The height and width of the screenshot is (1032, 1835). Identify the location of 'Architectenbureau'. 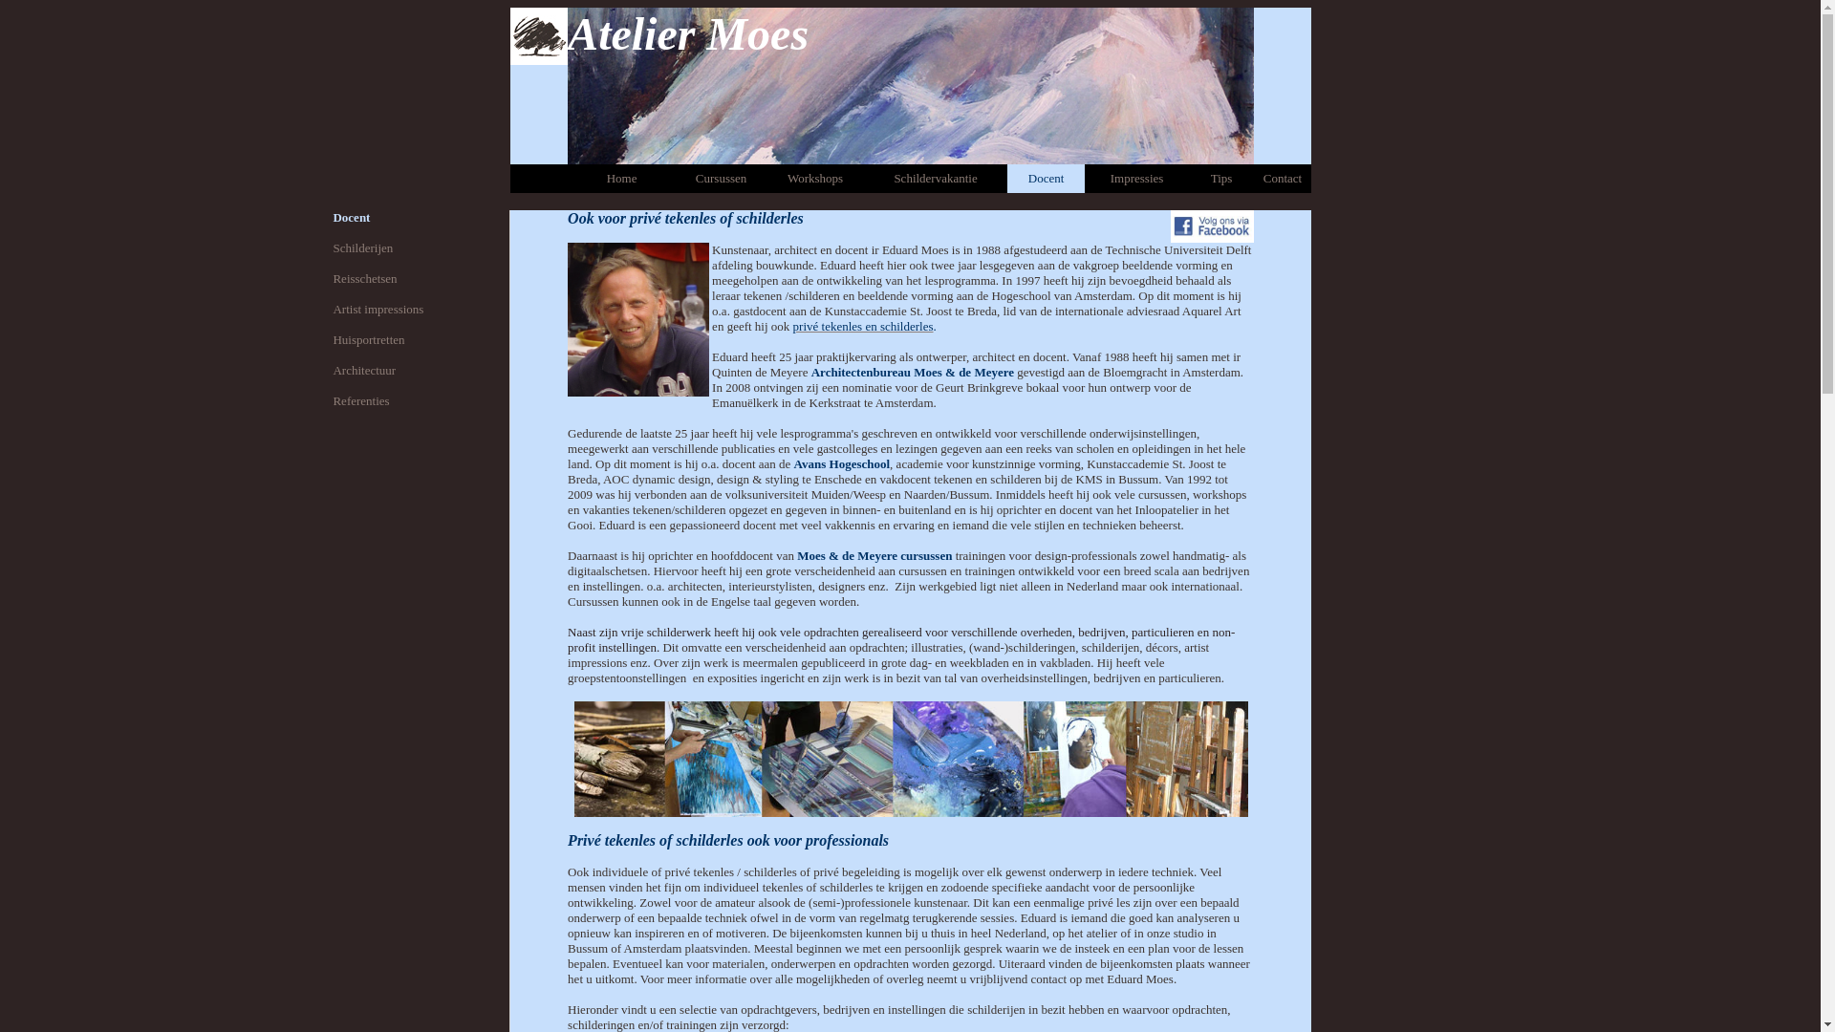
(860, 372).